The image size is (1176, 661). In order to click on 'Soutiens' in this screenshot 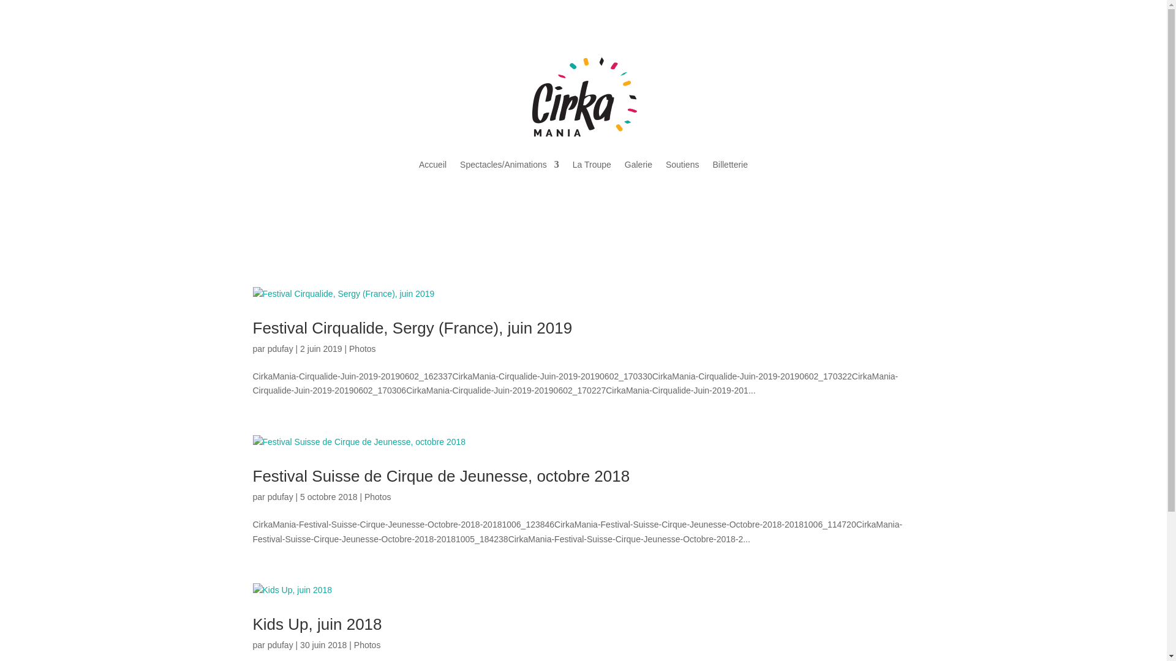, I will do `click(681, 164)`.